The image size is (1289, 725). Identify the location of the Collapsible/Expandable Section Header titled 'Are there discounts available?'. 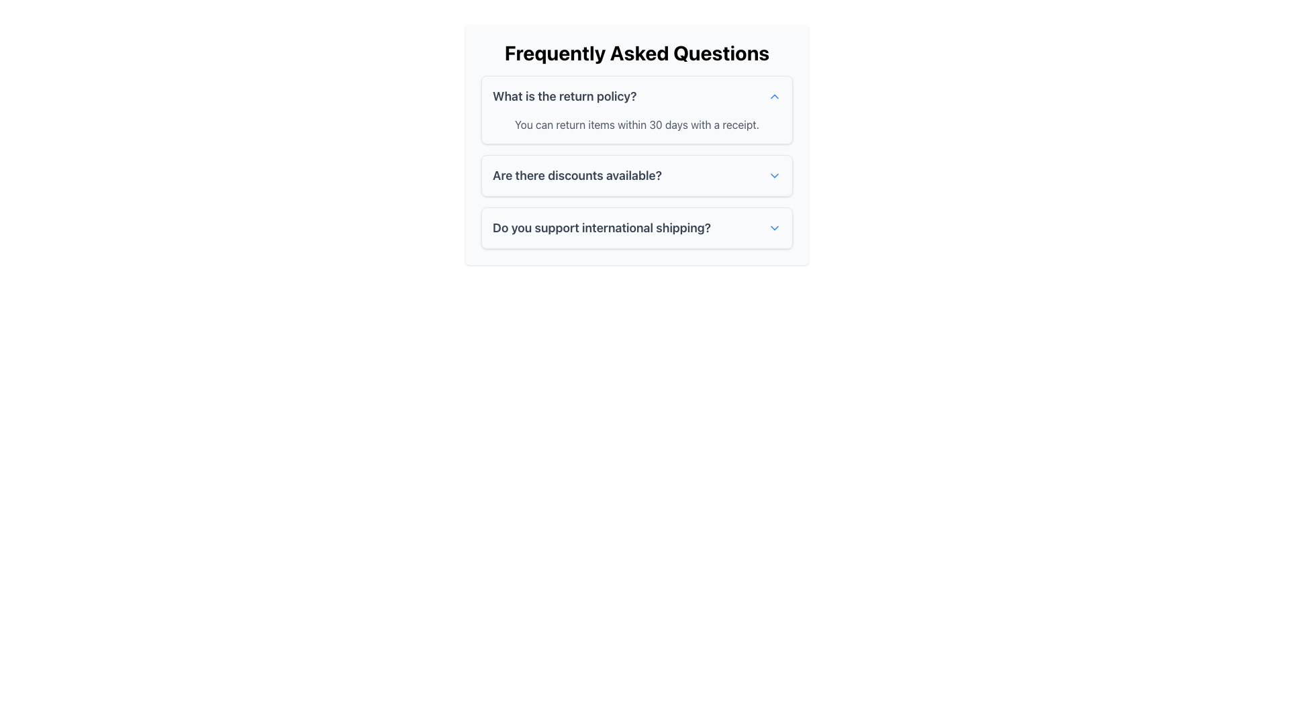
(636, 175).